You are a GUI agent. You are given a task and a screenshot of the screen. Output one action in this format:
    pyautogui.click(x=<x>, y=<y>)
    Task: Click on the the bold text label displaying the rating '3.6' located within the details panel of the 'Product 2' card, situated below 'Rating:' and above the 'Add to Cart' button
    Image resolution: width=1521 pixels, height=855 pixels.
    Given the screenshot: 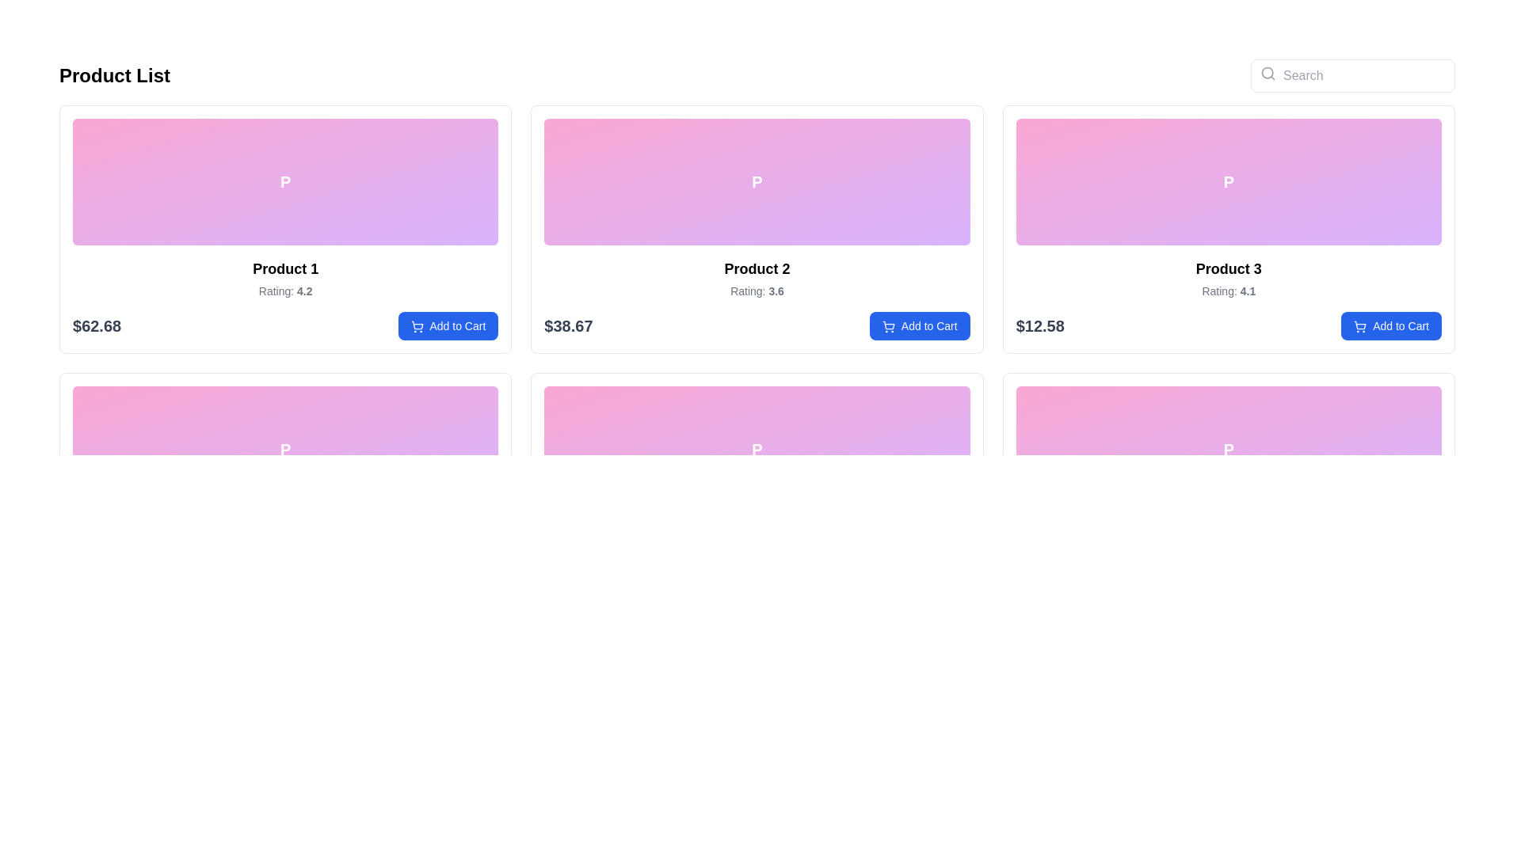 What is the action you would take?
    pyautogui.click(x=776, y=291)
    